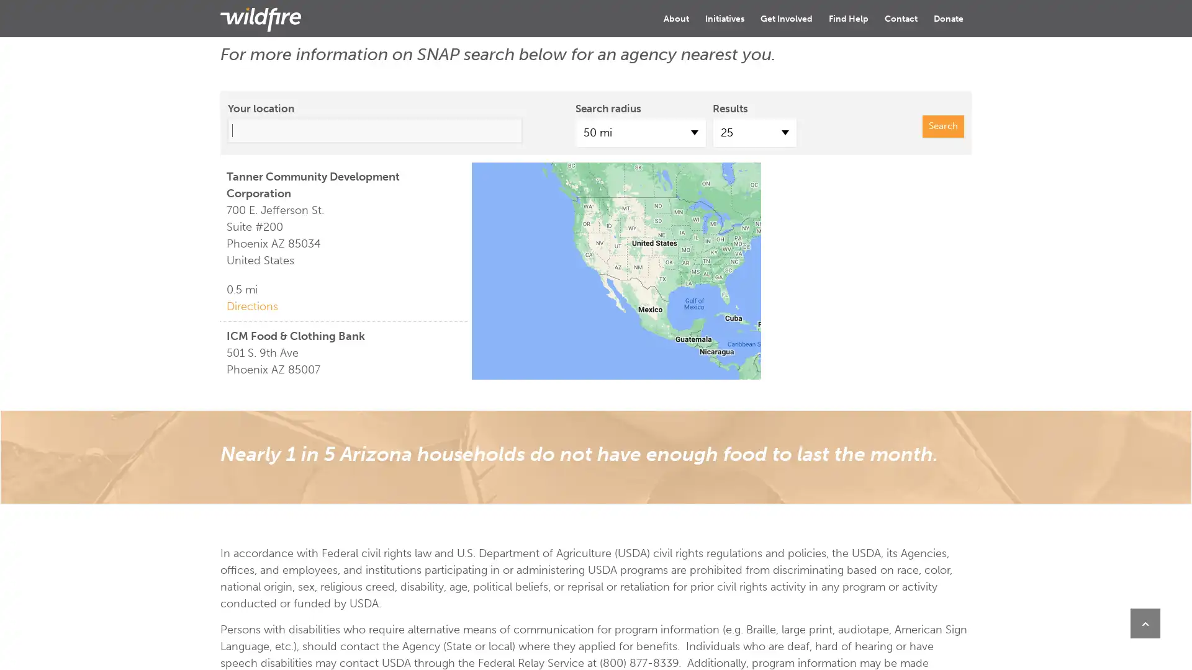  Describe the element at coordinates (736, 237) in the screenshot. I see `NOAH Midtown` at that location.